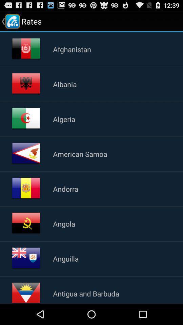  I want to click on anguilla app, so click(66, 258).